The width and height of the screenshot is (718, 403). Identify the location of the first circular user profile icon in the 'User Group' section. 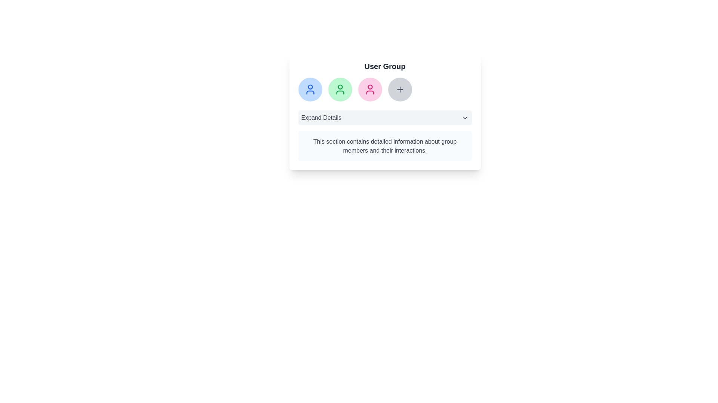
(310, 89).